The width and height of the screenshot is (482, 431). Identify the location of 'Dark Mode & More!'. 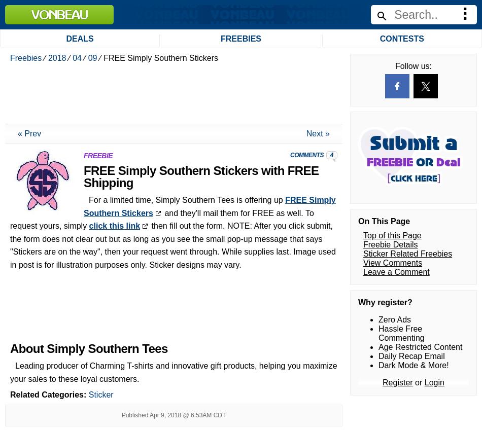
(413, 112).